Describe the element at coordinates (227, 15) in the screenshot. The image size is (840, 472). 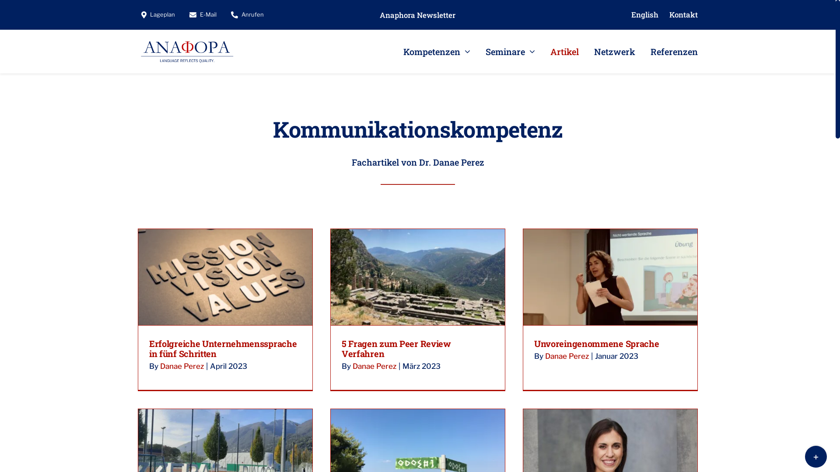
I see `'Anrufen'` at that location.